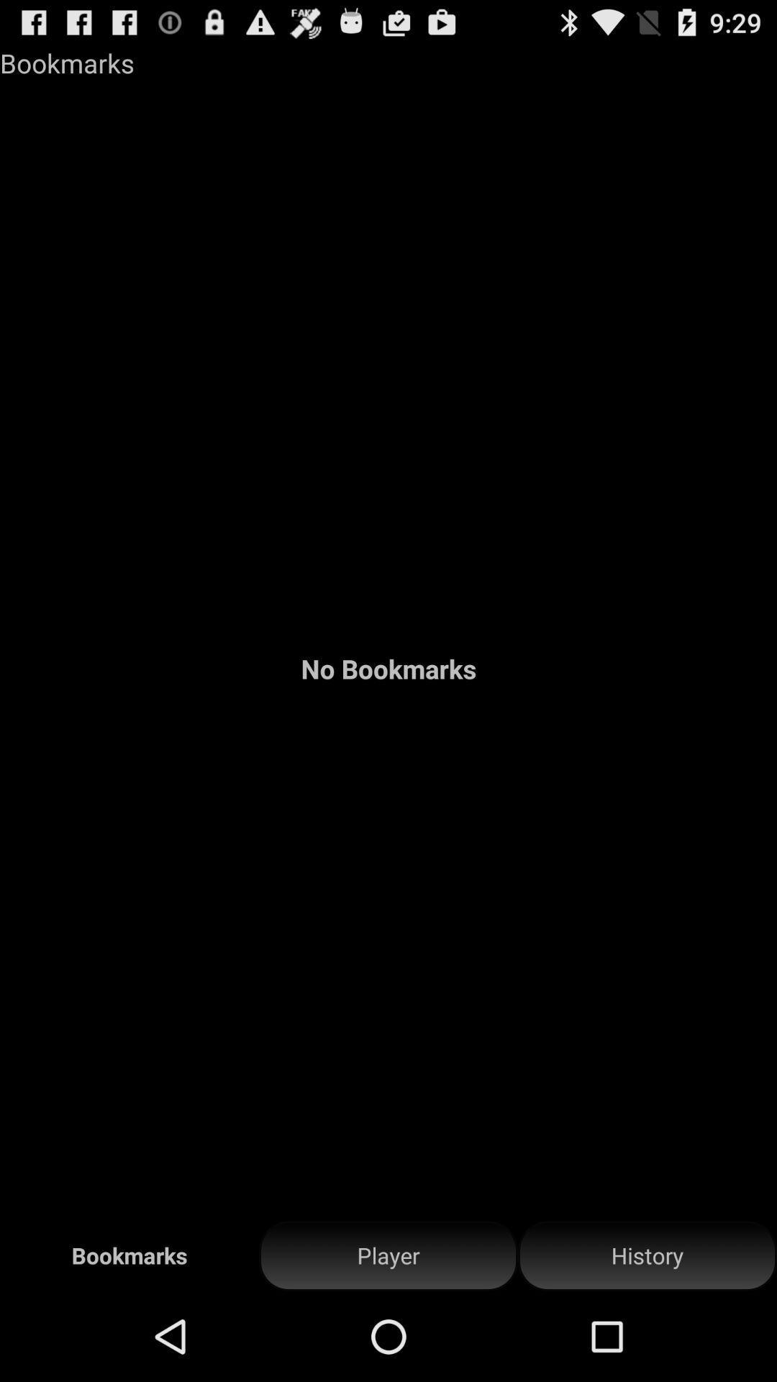 Image resolution: width=777 pixels, height=1382 pixels. I want to click on player, so click(388, 1255).